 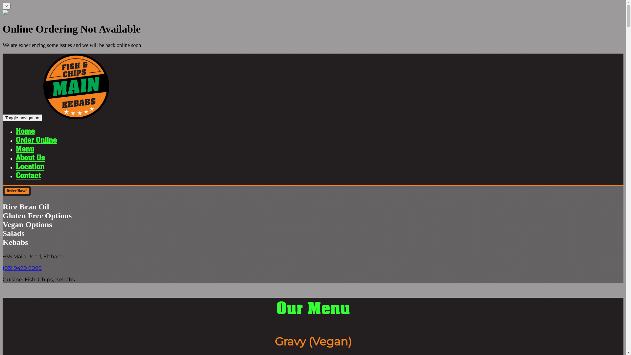 What do you see at coordinates (30, 157) in the screenshot?
I see `'About Us'` at bounding box center [30, 157].